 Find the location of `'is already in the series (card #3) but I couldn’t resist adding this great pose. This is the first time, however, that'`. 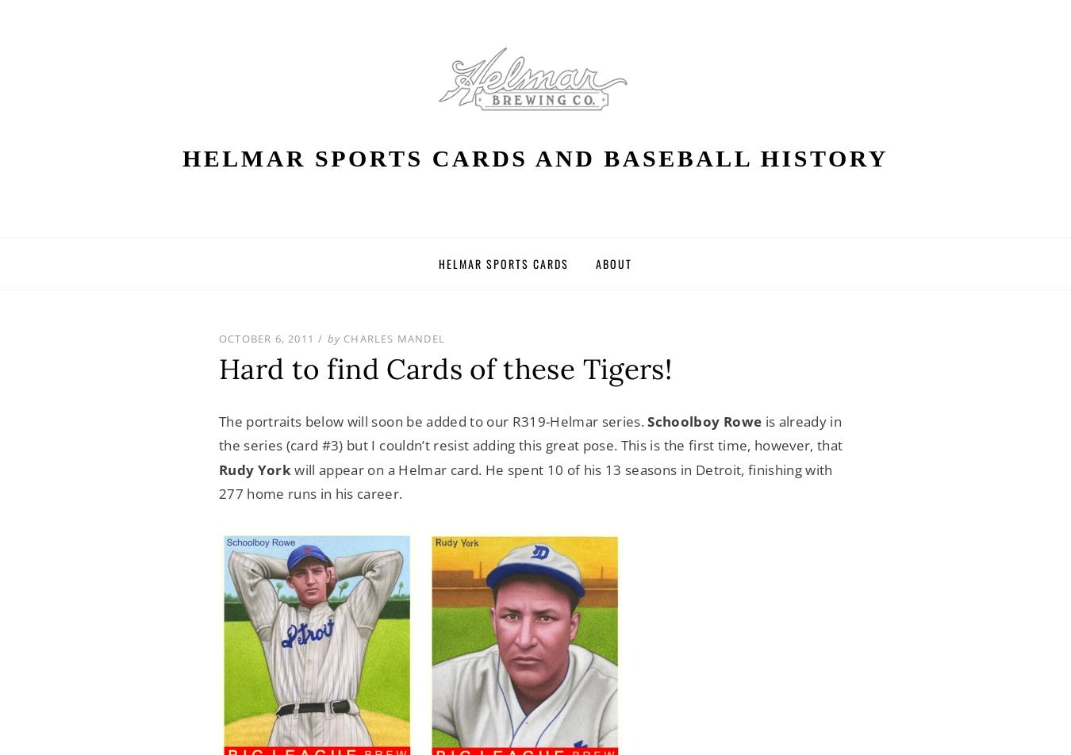

'is already in the series (card #3) but I couldn’t resist adding this great pose. This is the first time, however, that' is located at coordinates (531, 432).